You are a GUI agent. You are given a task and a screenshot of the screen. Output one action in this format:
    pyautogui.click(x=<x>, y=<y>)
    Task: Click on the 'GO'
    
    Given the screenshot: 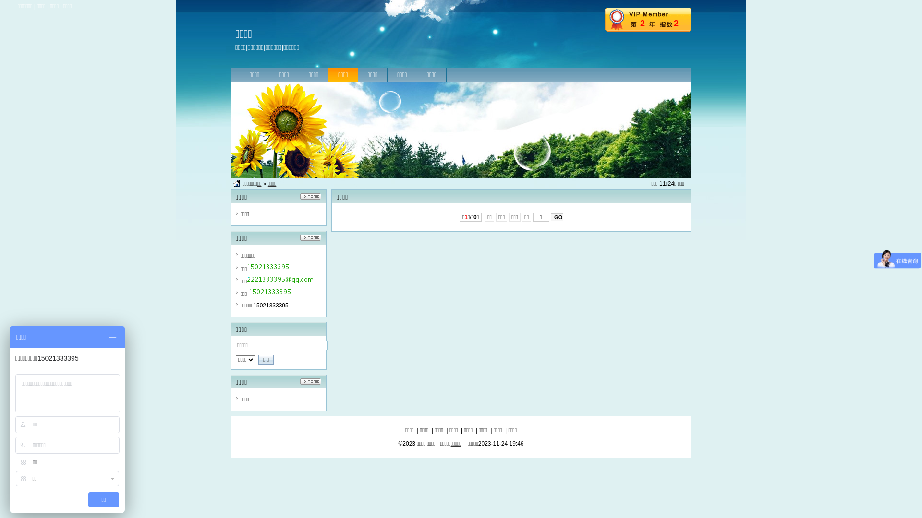 What is the action you would take?
    pyautogui.click(x=557, y=217)
    